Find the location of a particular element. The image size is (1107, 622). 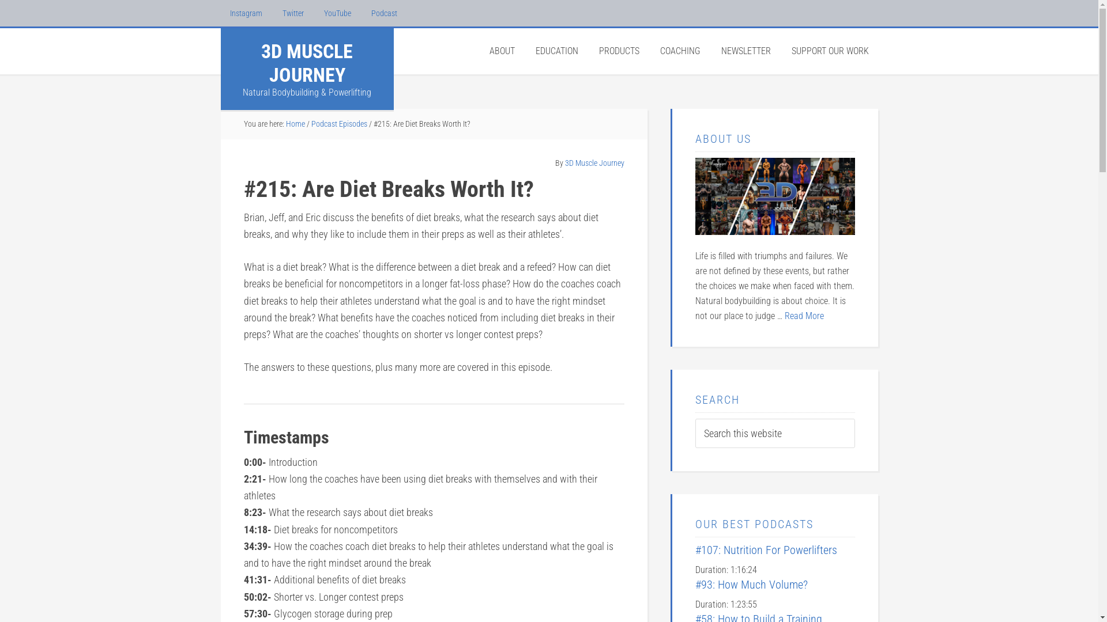

'#107: Nutrition For Powerlifters' is located at coordinates (694, 549).